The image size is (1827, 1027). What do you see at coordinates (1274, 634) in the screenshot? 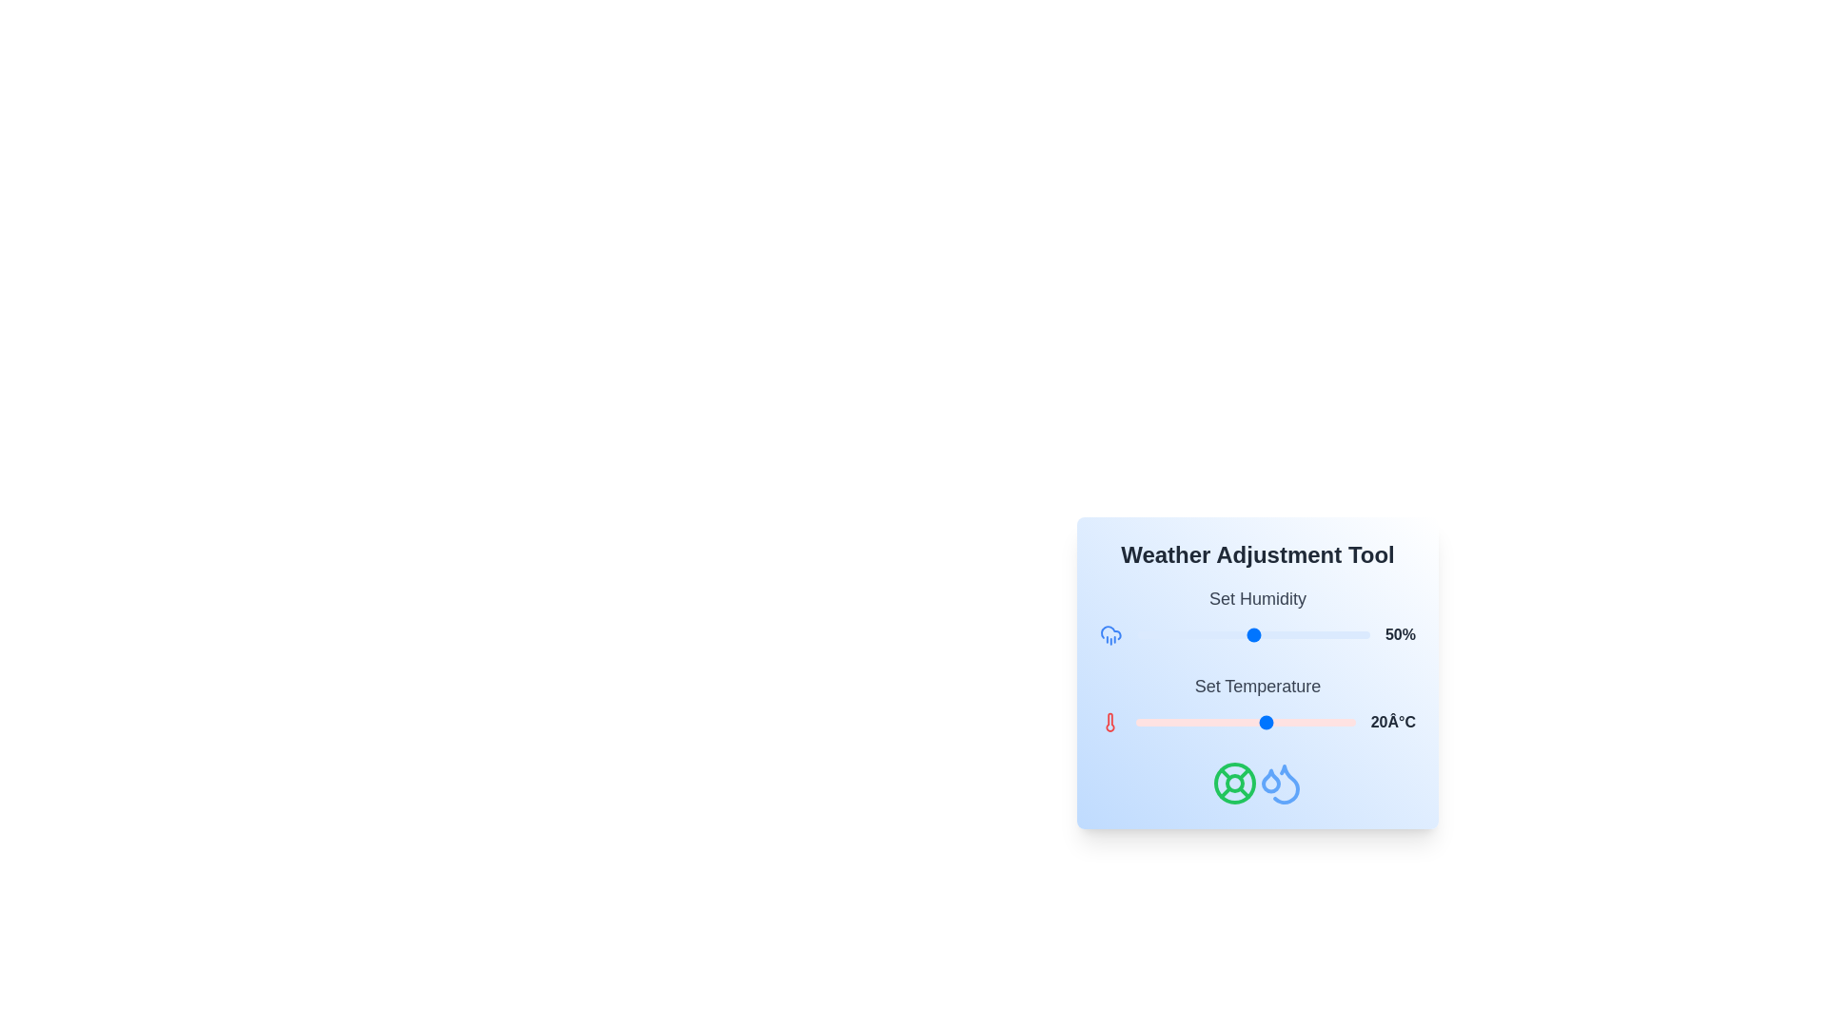
I see `the humidity slider to 59%` at bounding box center [1274, 634].